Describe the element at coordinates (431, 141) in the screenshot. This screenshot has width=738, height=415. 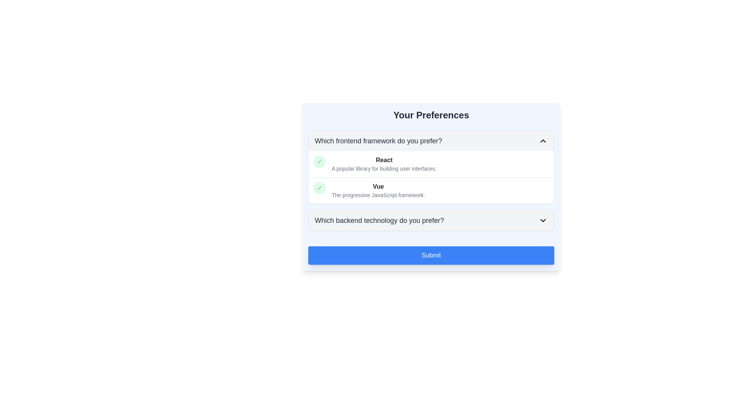
I see `the chevron icon of the Dropdown header indicating the expandable section for selecting a frontend framework` at that location.